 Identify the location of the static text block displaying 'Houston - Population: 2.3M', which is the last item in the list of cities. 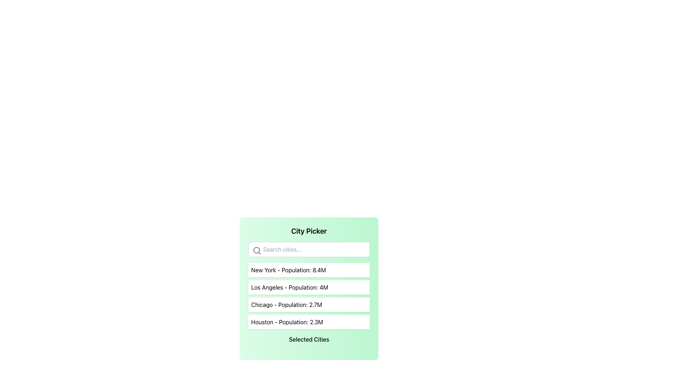
(309, 321).